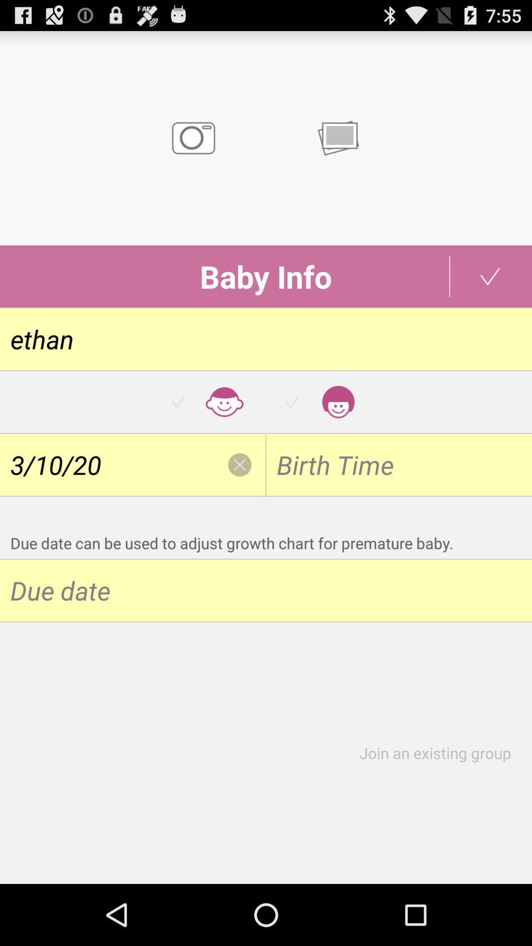  Describe the element at coordinates (490, 295) in the screenshot. I see `the check icon` at that location.